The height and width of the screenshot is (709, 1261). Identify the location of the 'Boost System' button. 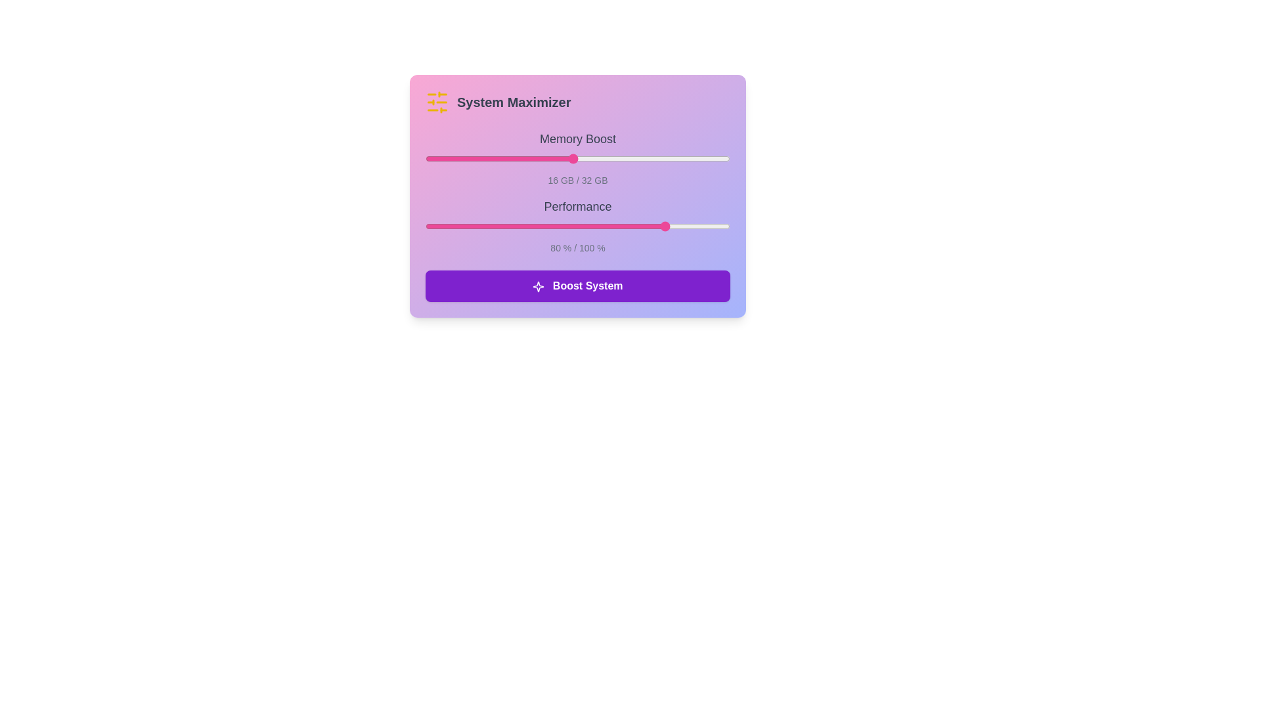
(577, 285).